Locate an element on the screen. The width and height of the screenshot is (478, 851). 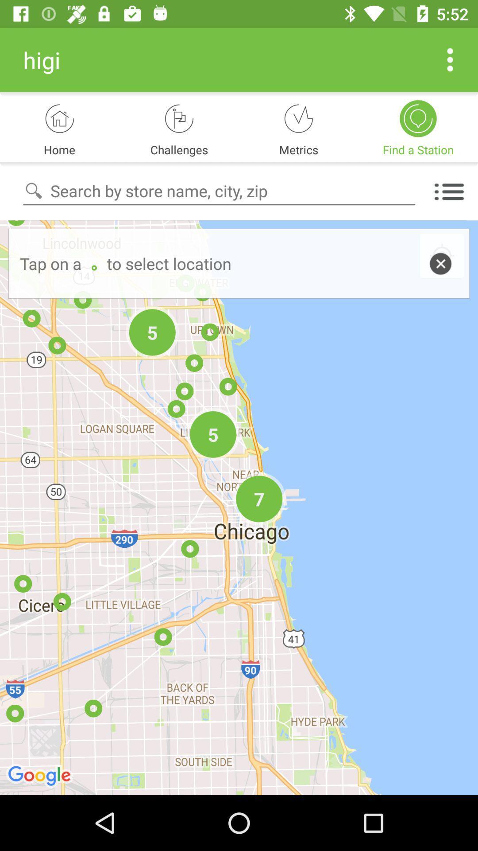
close button beside location is located at coordinates (440, 263).